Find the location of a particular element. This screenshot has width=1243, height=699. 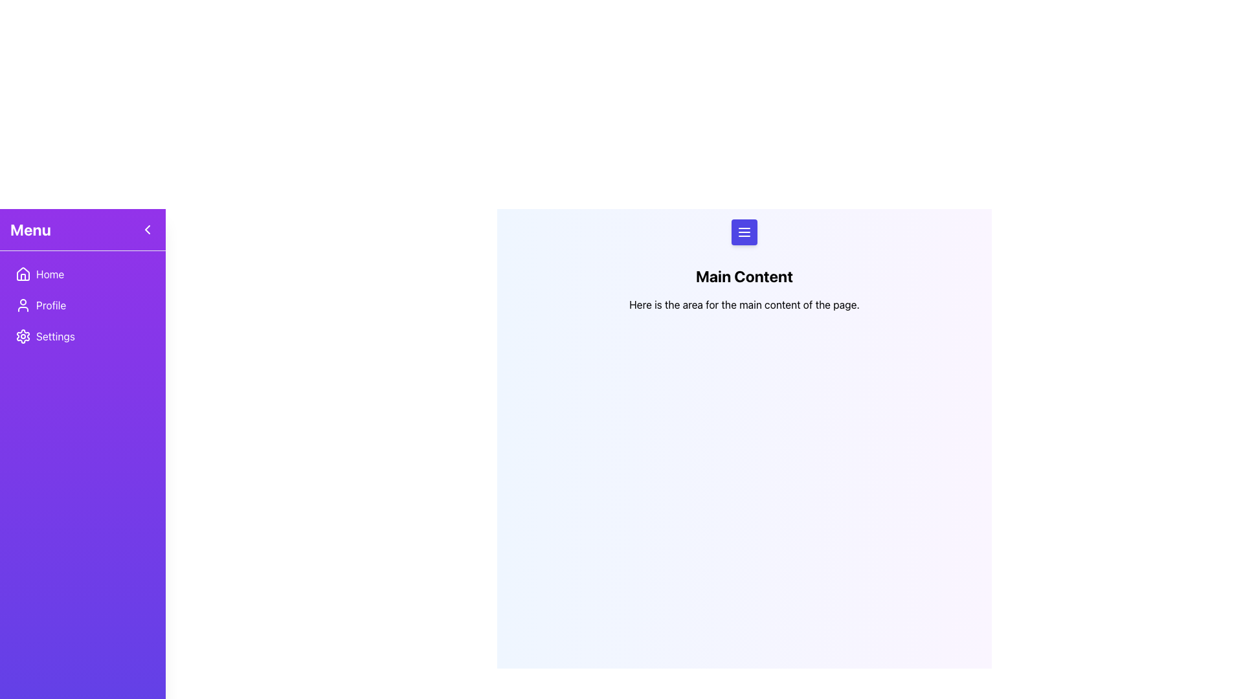

the settings icon located as the third item in the sidebar menu is located at coordinates (23, 336).